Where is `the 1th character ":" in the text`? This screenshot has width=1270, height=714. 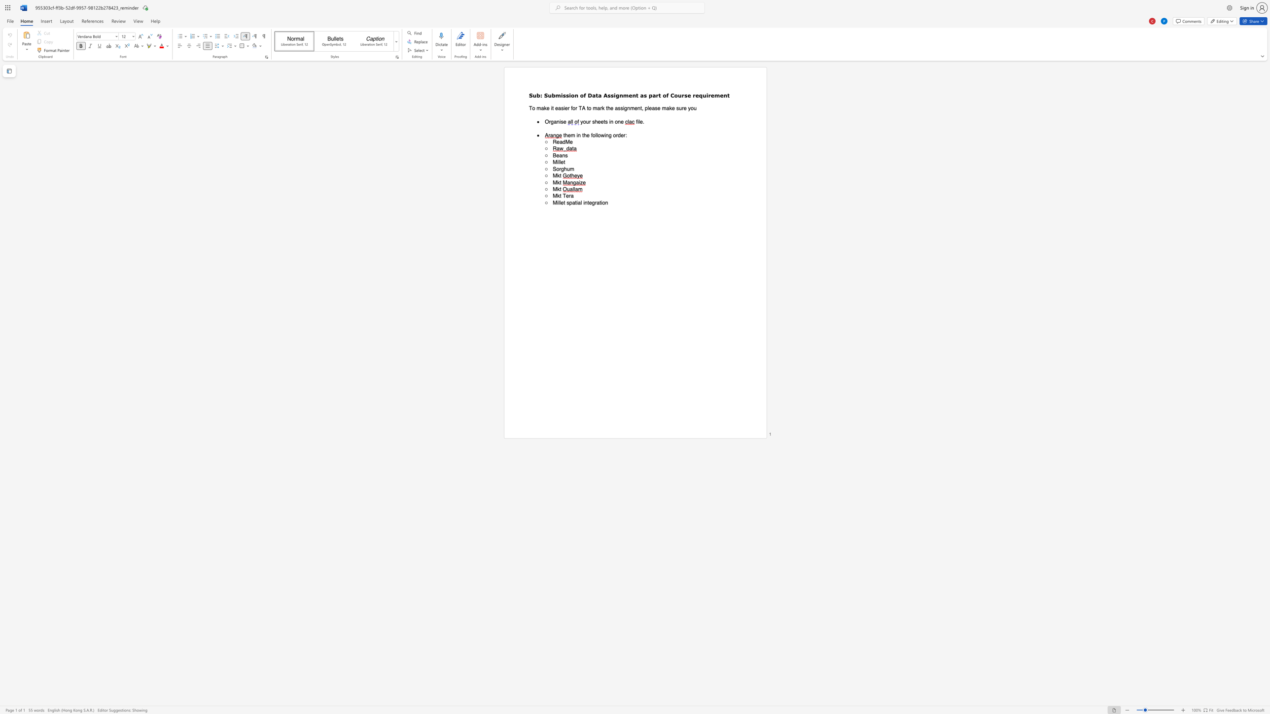 the 1th character ":" in the text is located at coordinates (541, 95).